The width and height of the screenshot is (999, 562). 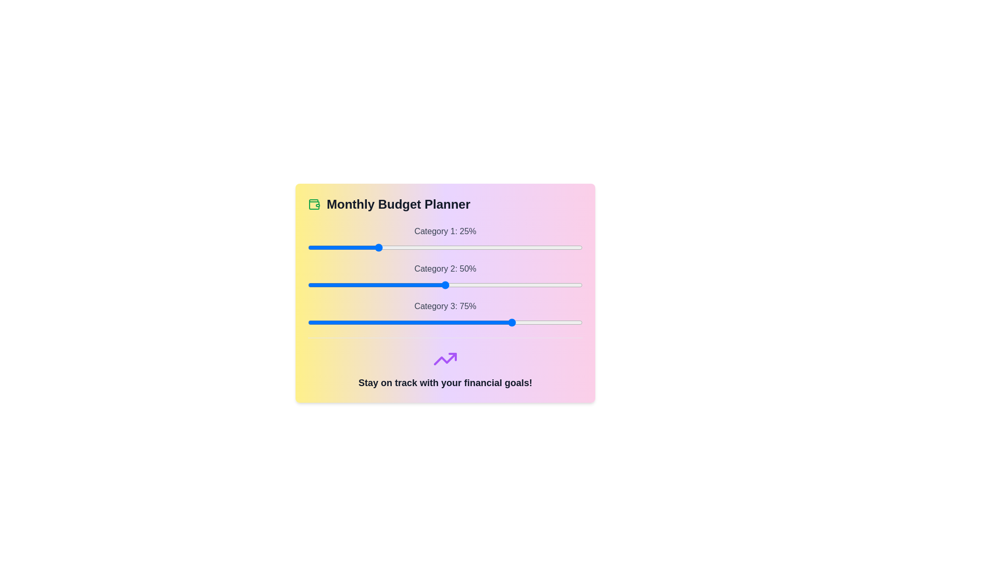 What do you see at coordinates (376, 247) in the screenshot?
I see `the slider for Category 1 to 25%` at bounding box center [376, 247].